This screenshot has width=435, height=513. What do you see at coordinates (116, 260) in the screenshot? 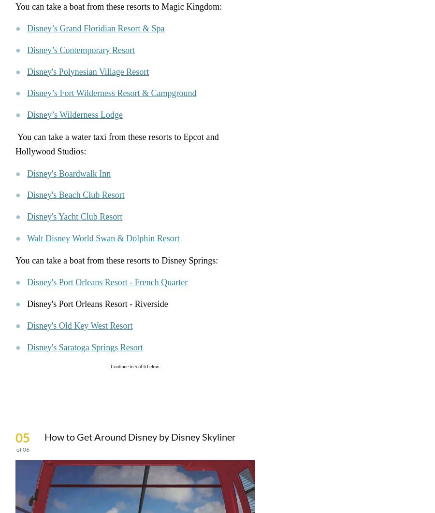
I see `'You can take a boat from these resorts to Disney Springs:'` at bounding box center [116, 260].